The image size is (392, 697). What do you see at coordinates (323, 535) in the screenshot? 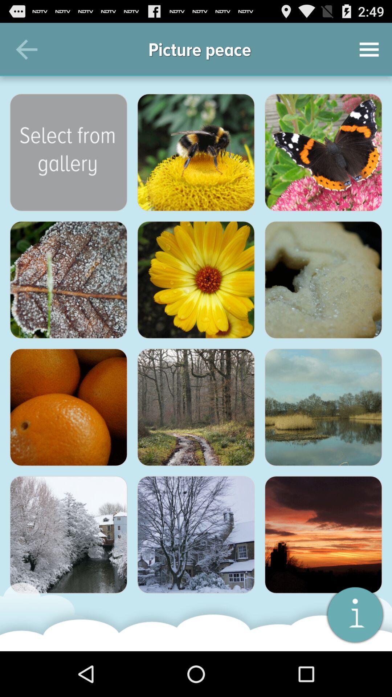
I see `emojios` at bounding box center [323, 535].